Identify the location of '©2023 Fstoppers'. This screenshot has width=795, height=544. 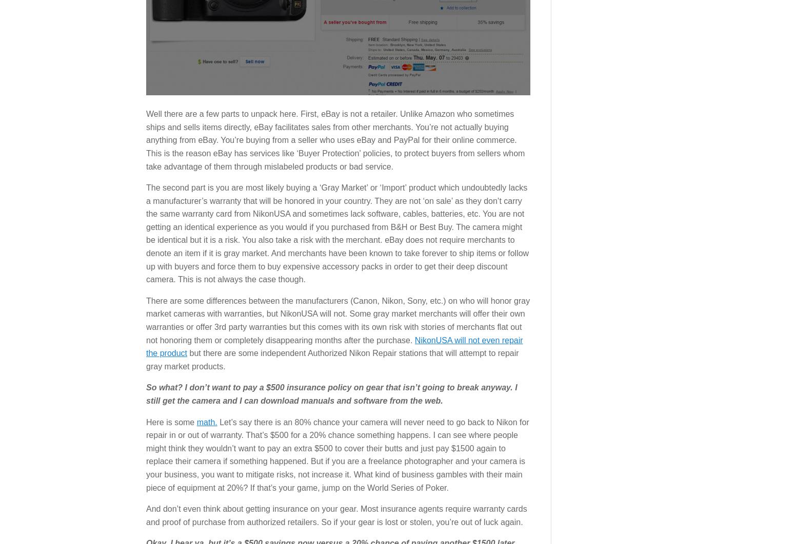
(579, 301).